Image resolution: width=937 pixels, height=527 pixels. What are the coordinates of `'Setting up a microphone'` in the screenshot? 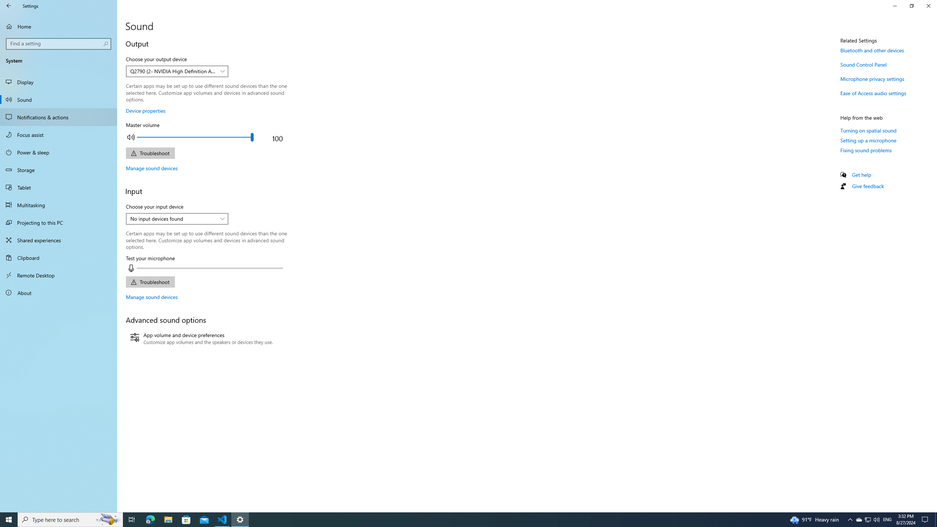 It's located at (868, 140).